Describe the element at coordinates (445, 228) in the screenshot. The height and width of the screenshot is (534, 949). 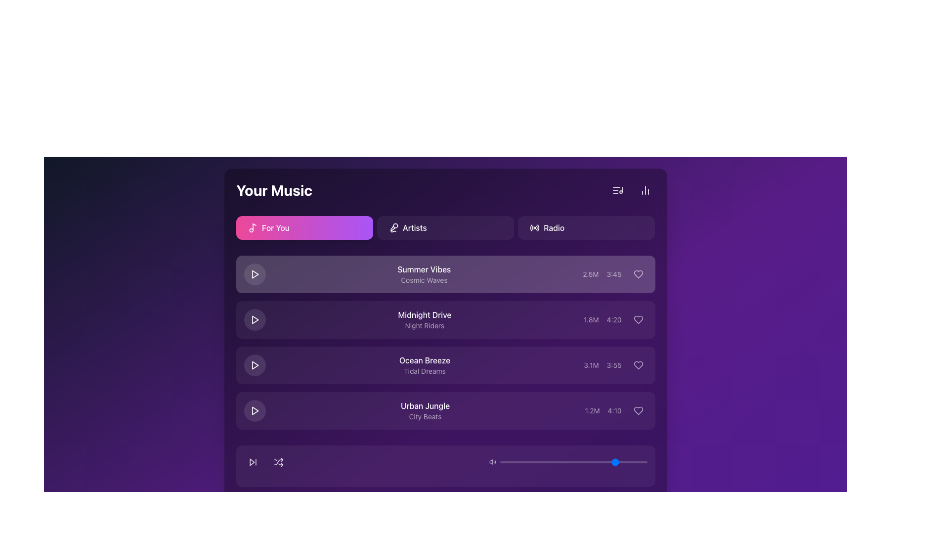
I see `the 'Artists' button, which has a gradient background and is positioned under the 'Your Music' header` at that location.